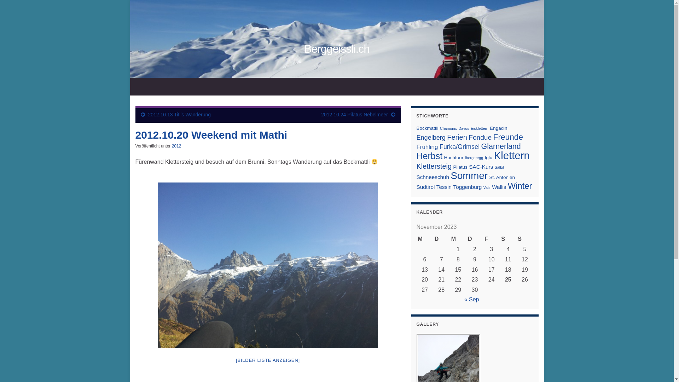 This screenshot has height=382, width=679. Describe the element at coordinates (443, 186) in the screenshot. I see `'Tessin'` at that location.